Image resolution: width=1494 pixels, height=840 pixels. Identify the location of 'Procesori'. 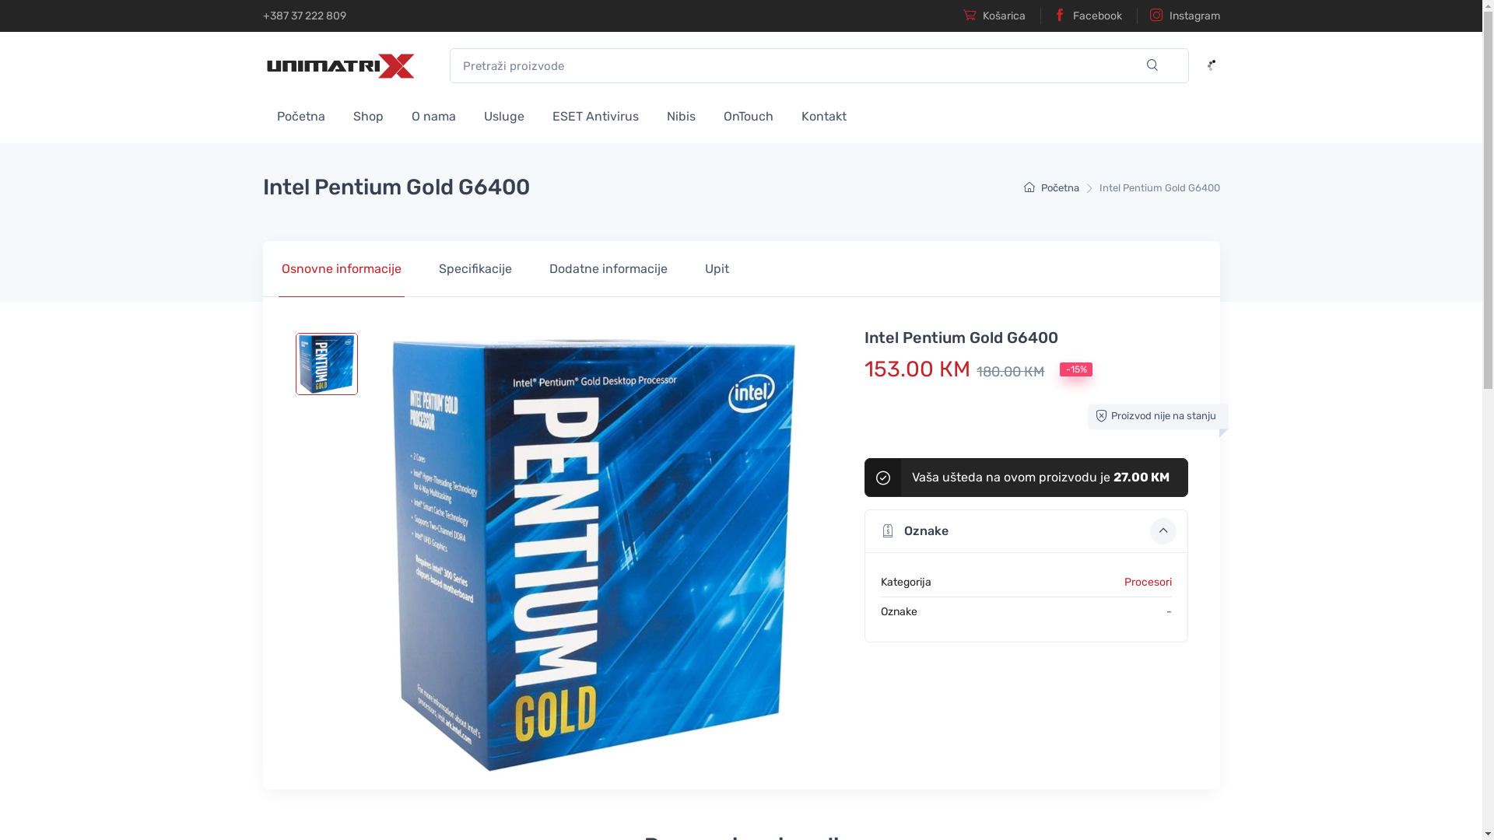
(1148, 582).